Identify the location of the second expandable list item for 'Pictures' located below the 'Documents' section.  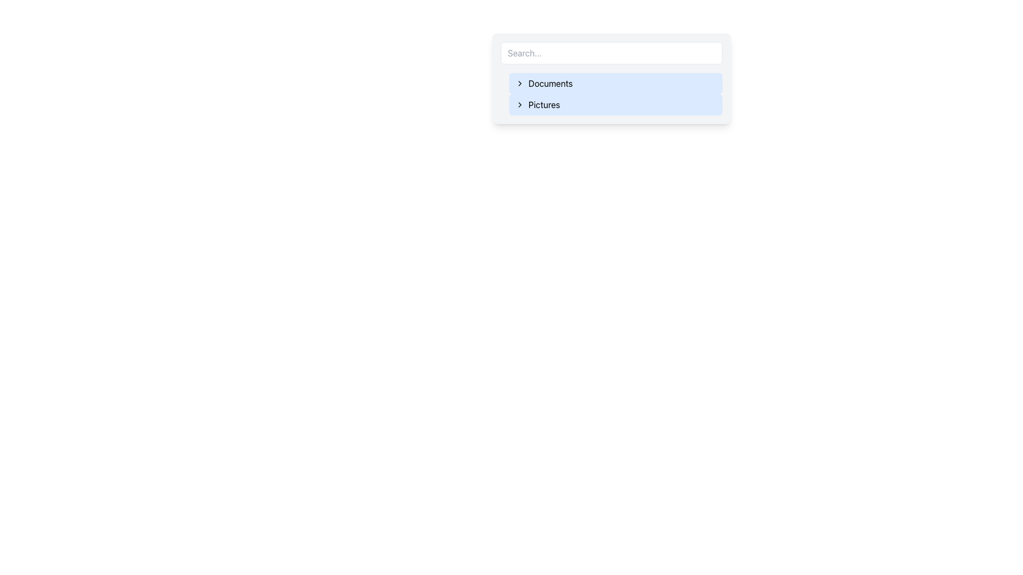
(616, 104).